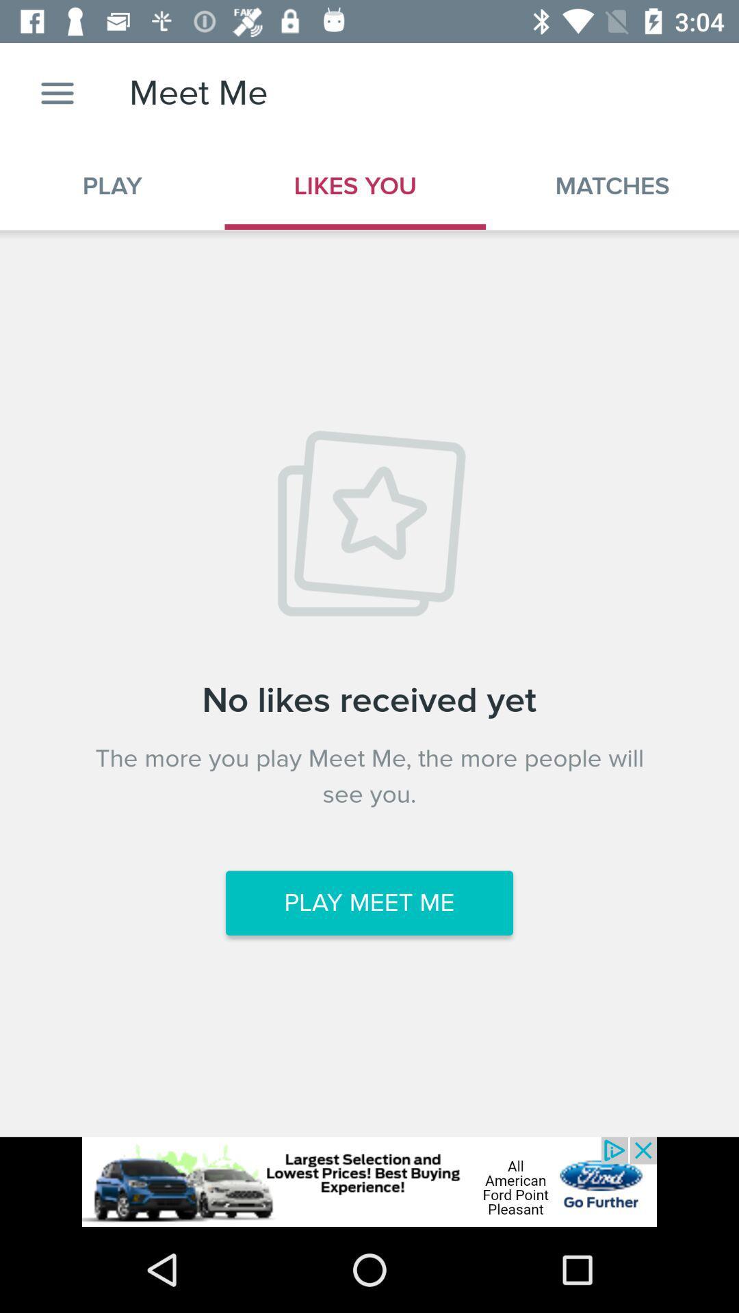 Image resolution: width=739 pixels, height=1313 pixels. Describe the element at coordinates (369, 1181) in the screenshot. I see `advertisement banner` at that location.